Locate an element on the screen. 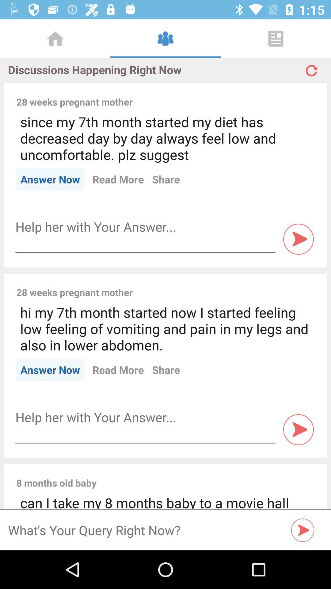 The height and width of the screenshot is (589, 331). the icon below discussions happening right is located at coordinates (228, 95).